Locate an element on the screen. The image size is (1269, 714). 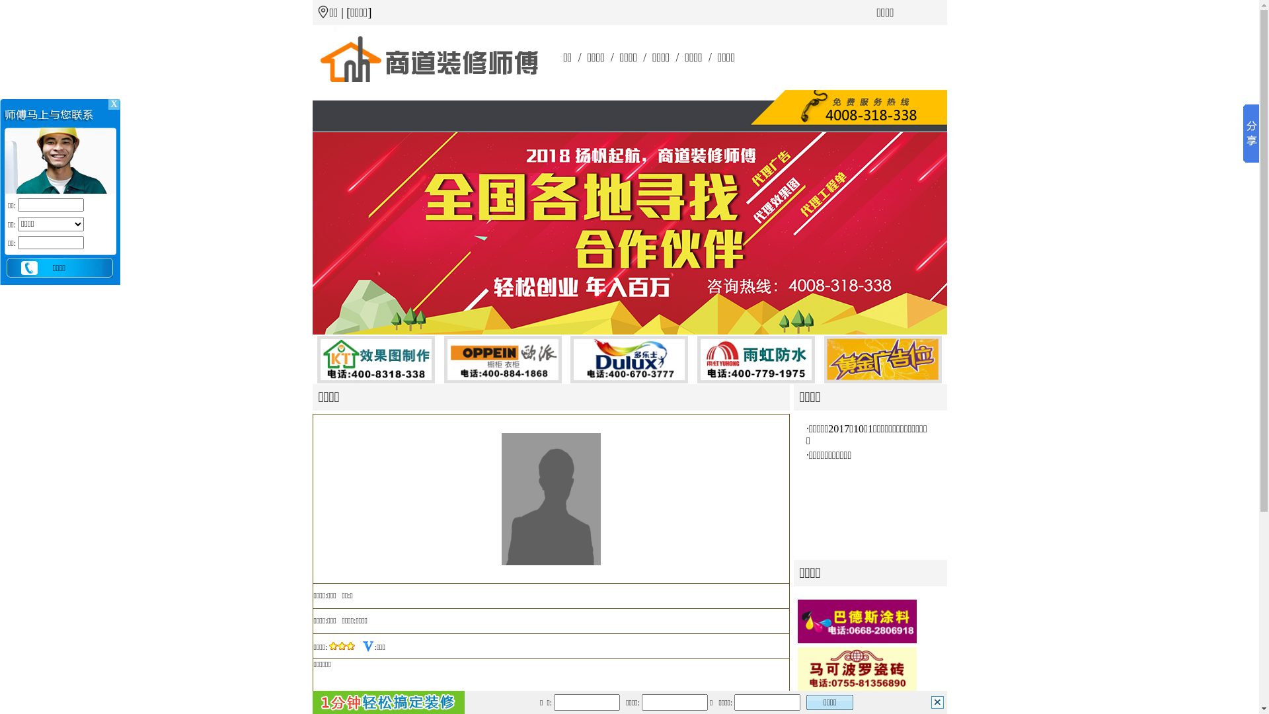
' X ' is located at coordinates (108, 104).